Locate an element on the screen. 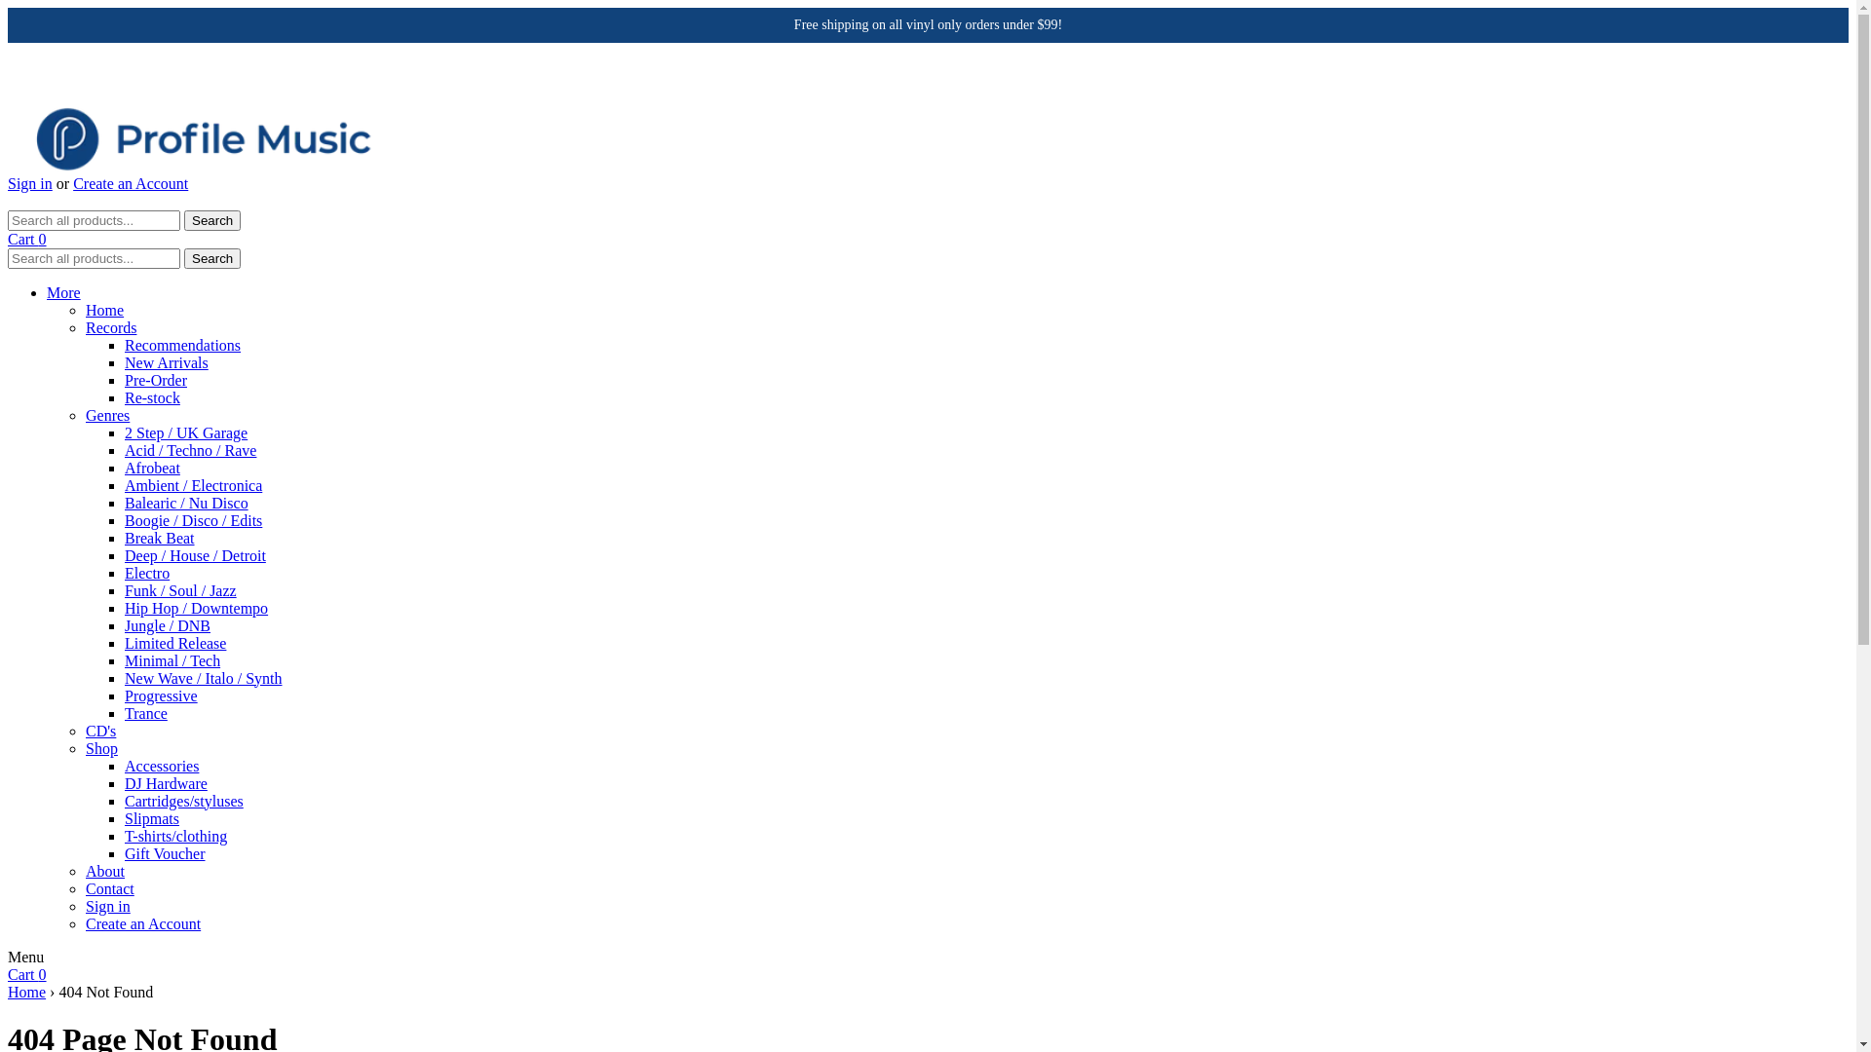 The height and width of the screenshot is (1052, 1871). 'Limited Release' is located at coordinates (124, 643).